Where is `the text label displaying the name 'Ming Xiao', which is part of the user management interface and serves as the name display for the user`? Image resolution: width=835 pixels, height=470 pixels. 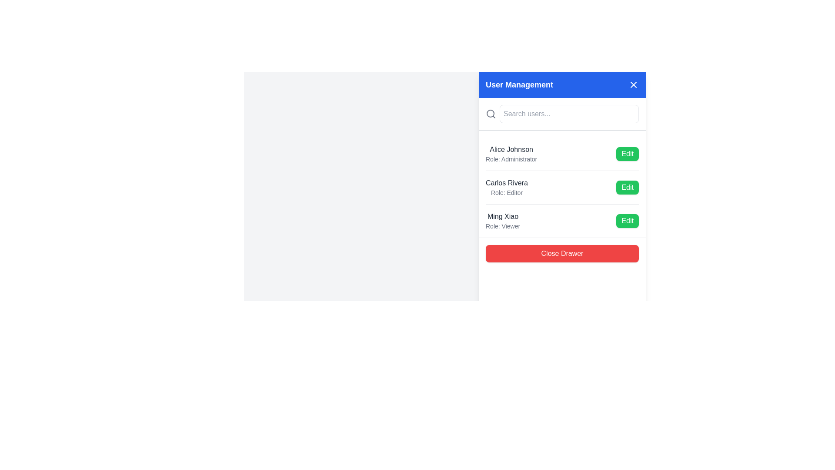
the text label displaying the name 'Ming Xiao', which is part of the user management interface and serves as the name display for the user is located at coordinates (503, 216).